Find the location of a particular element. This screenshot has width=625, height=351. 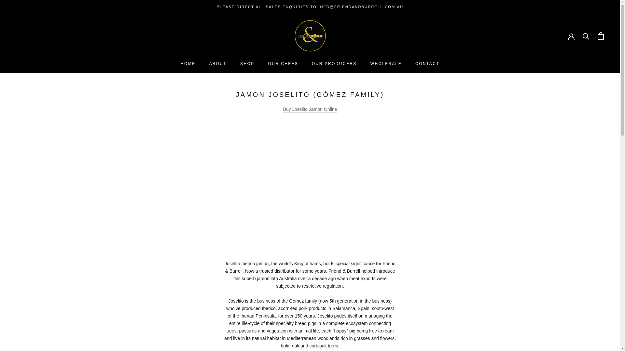

'SHOP is located at coordinates (247, 64).